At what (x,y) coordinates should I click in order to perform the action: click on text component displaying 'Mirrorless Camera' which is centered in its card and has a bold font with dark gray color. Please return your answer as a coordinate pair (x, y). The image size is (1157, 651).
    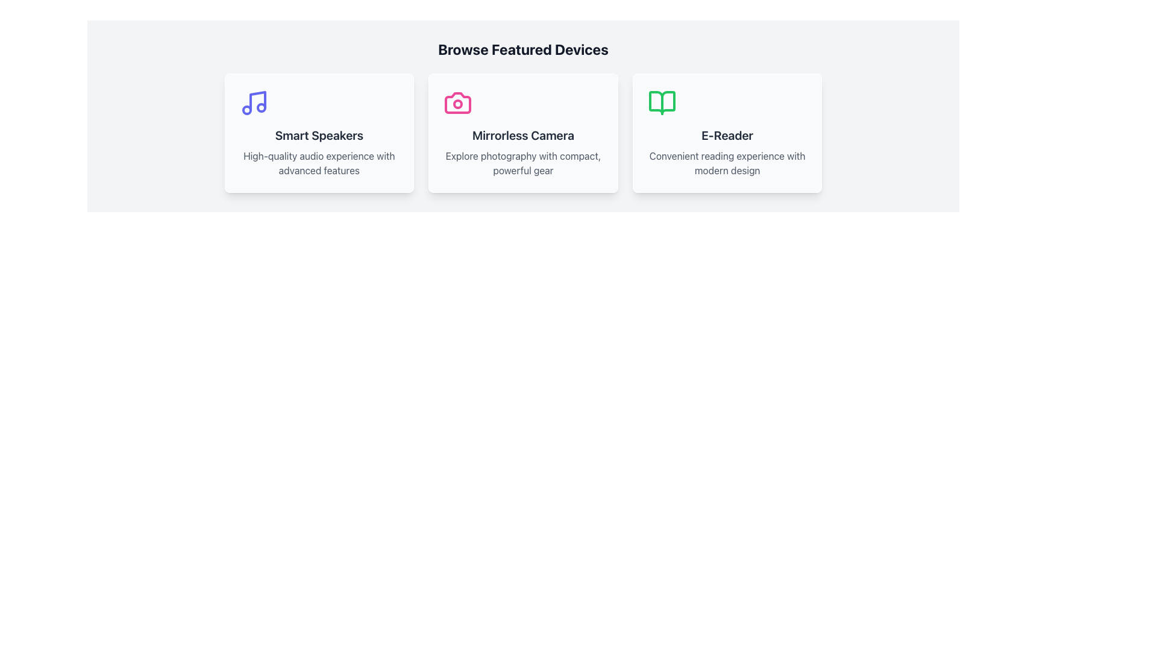
    Looking at the image, I should click on (523, 135).